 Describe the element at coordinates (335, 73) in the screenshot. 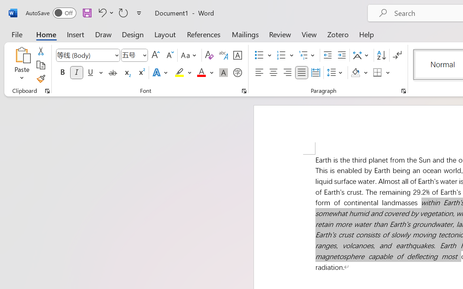

I see `'Line and Paragraph Spacing'` at that location.